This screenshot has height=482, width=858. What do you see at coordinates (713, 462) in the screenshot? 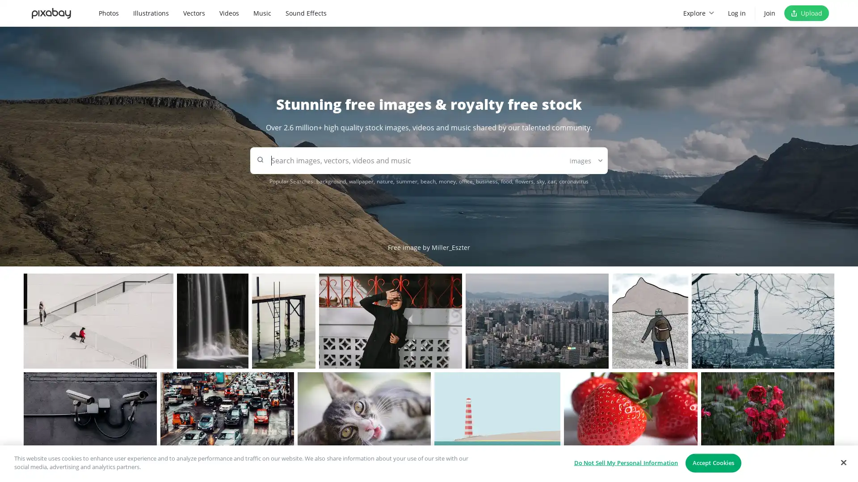
I see `Accept Cookies` at bounding box center [713, 462].